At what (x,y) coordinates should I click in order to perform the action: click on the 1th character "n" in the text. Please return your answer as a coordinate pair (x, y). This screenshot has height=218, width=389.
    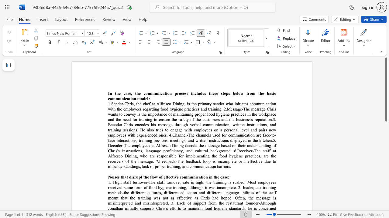
    Looking at the image, I should click on (180, 114).